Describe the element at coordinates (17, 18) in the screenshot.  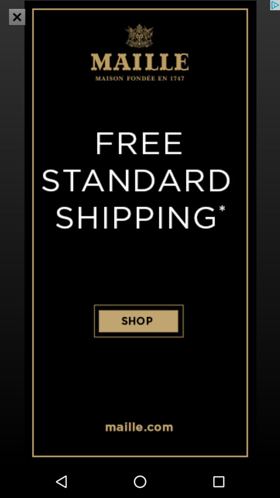
I see `the close icon` at that location.